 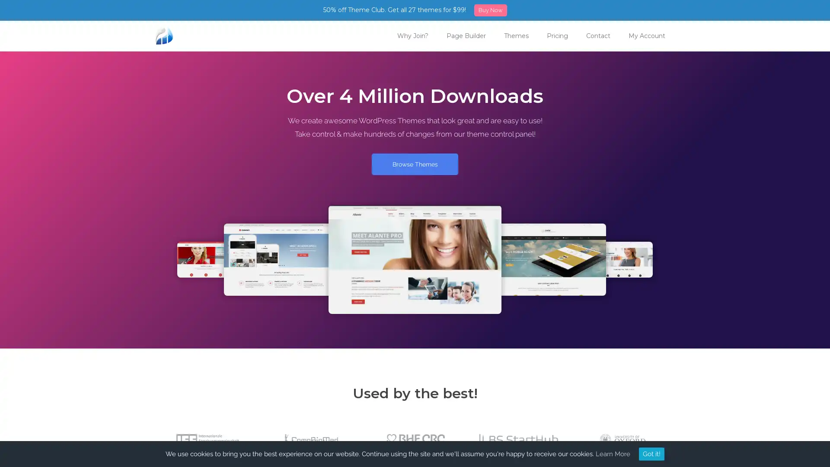 What do you see at coordinates (490, 10) in the screenshot?
I see `Buy Now` at bounding box center [490, 10].